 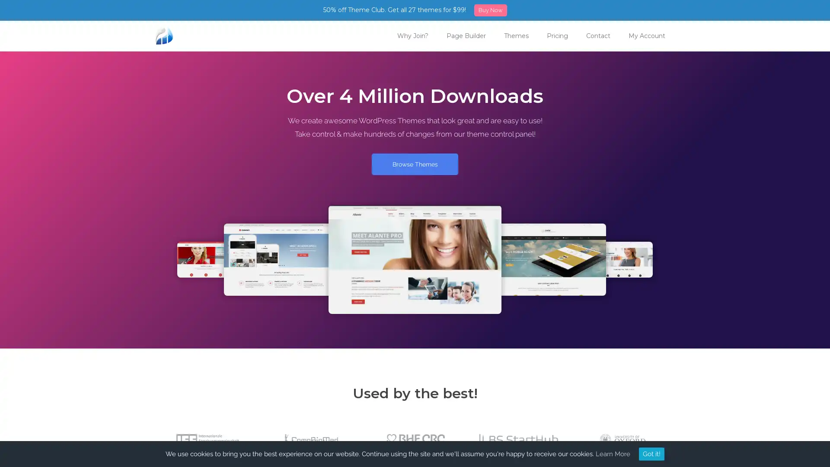 What do you see at coordinates (490, 10) in the screenshot?
I see `Buy Now` at bounding box center [490, 10].